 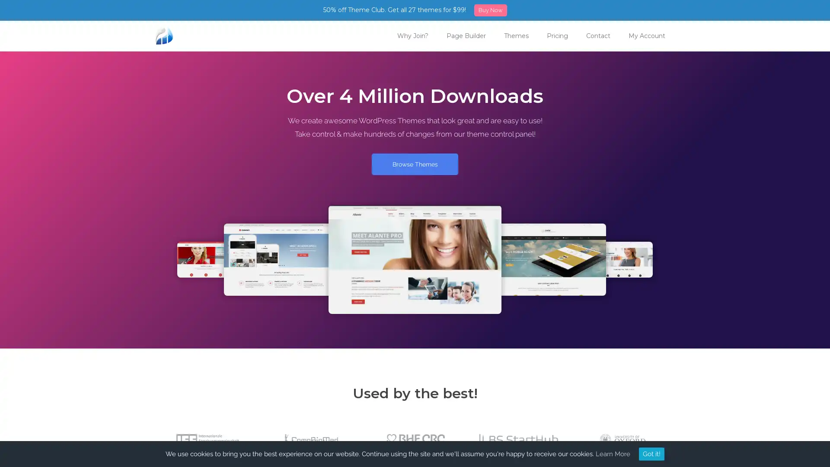 What do you see at coordinates (490, 10) in the screenshot?
I see `Buy Now` at bounding box center [490, 10].